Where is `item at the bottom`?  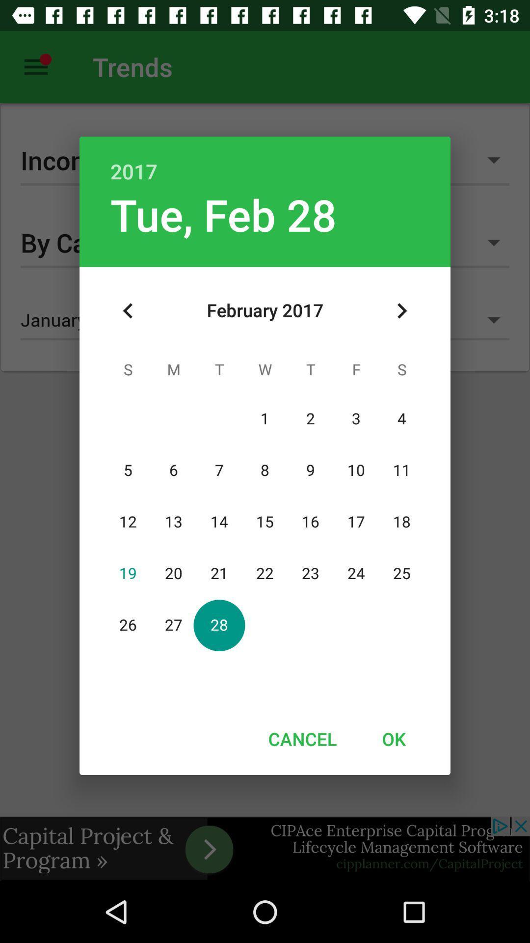
item at the bottom is located at coordinates (302, 739).